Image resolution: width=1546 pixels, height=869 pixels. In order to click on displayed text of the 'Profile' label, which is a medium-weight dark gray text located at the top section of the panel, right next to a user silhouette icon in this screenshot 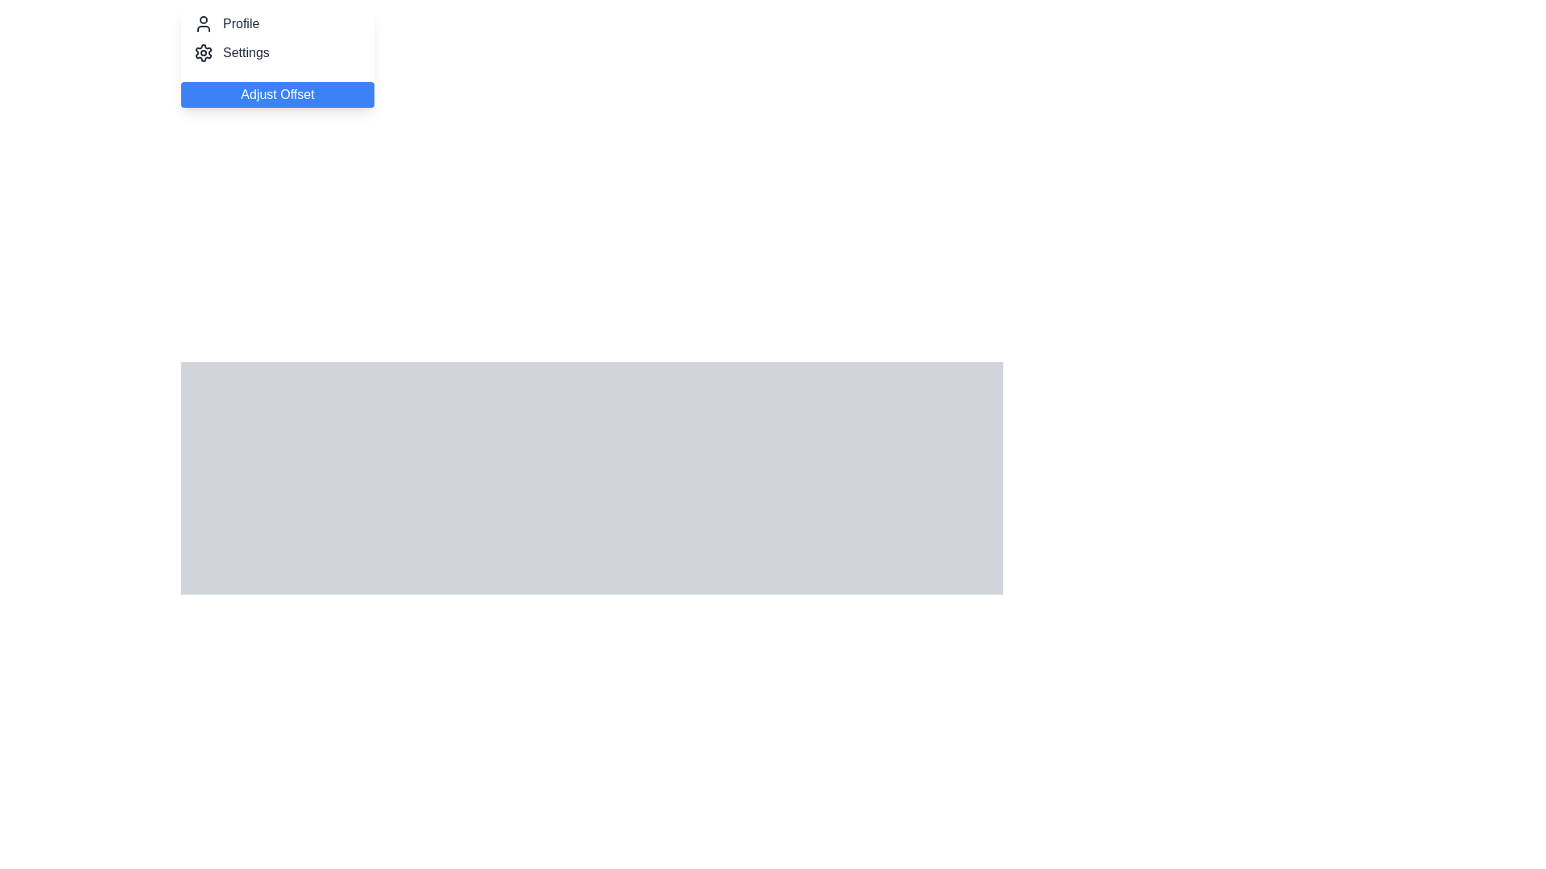, I will do `click(240, 24)`.